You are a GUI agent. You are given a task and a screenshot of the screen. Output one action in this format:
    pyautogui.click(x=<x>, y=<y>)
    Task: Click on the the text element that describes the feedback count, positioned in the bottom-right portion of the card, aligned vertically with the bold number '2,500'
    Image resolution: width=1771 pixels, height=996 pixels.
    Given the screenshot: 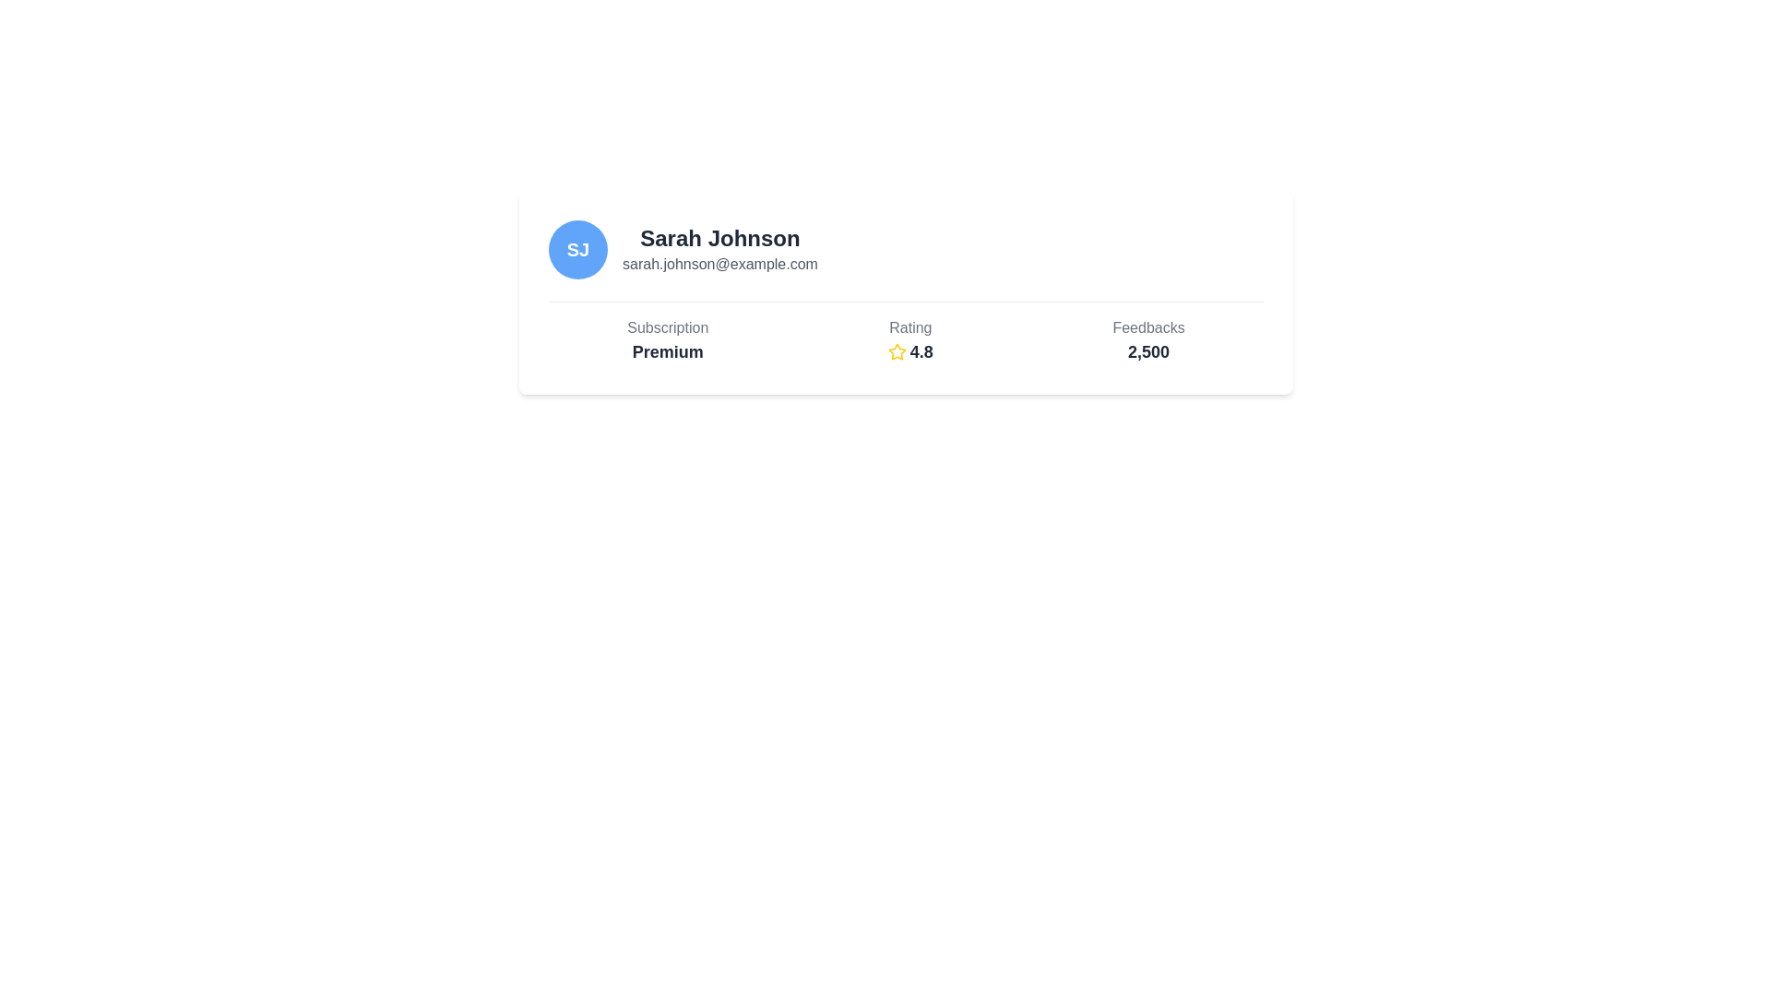 What is the action you would take?
    pyautogui.click(x=1147, y=326)
    